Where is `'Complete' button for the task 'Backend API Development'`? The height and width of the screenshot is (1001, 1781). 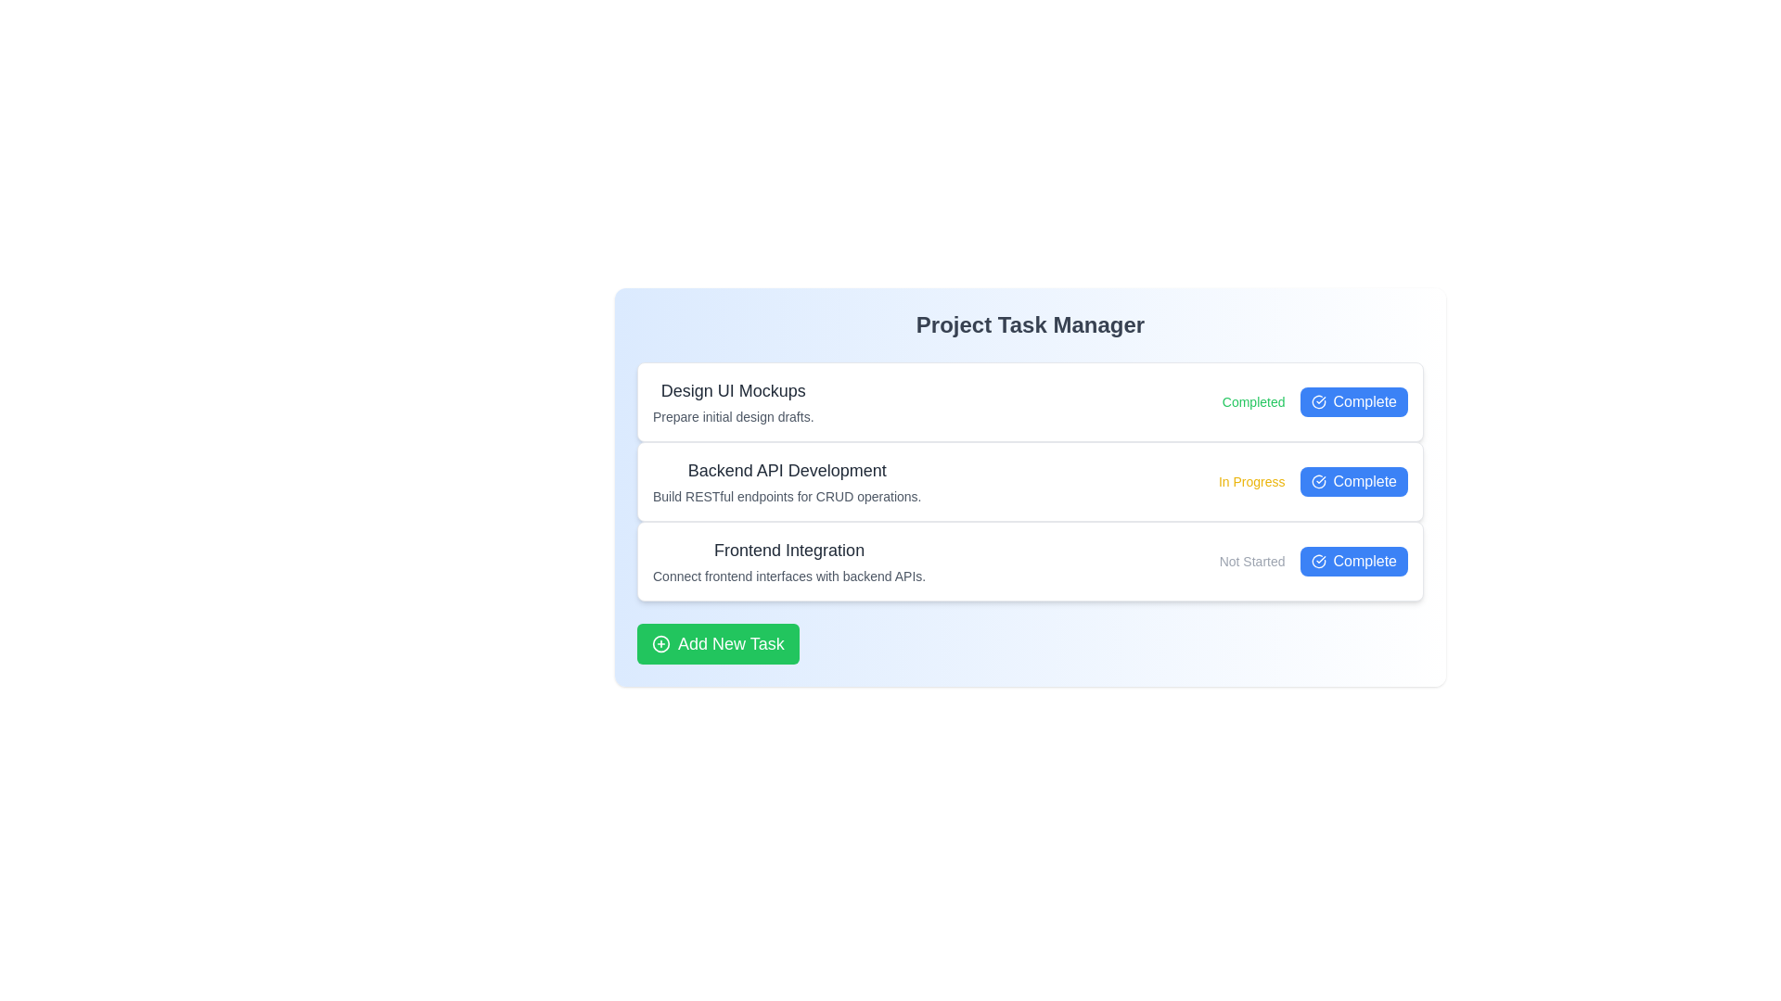 'Complete' button for the task 'Backend API Development' is located at coordinates (1353, 481).